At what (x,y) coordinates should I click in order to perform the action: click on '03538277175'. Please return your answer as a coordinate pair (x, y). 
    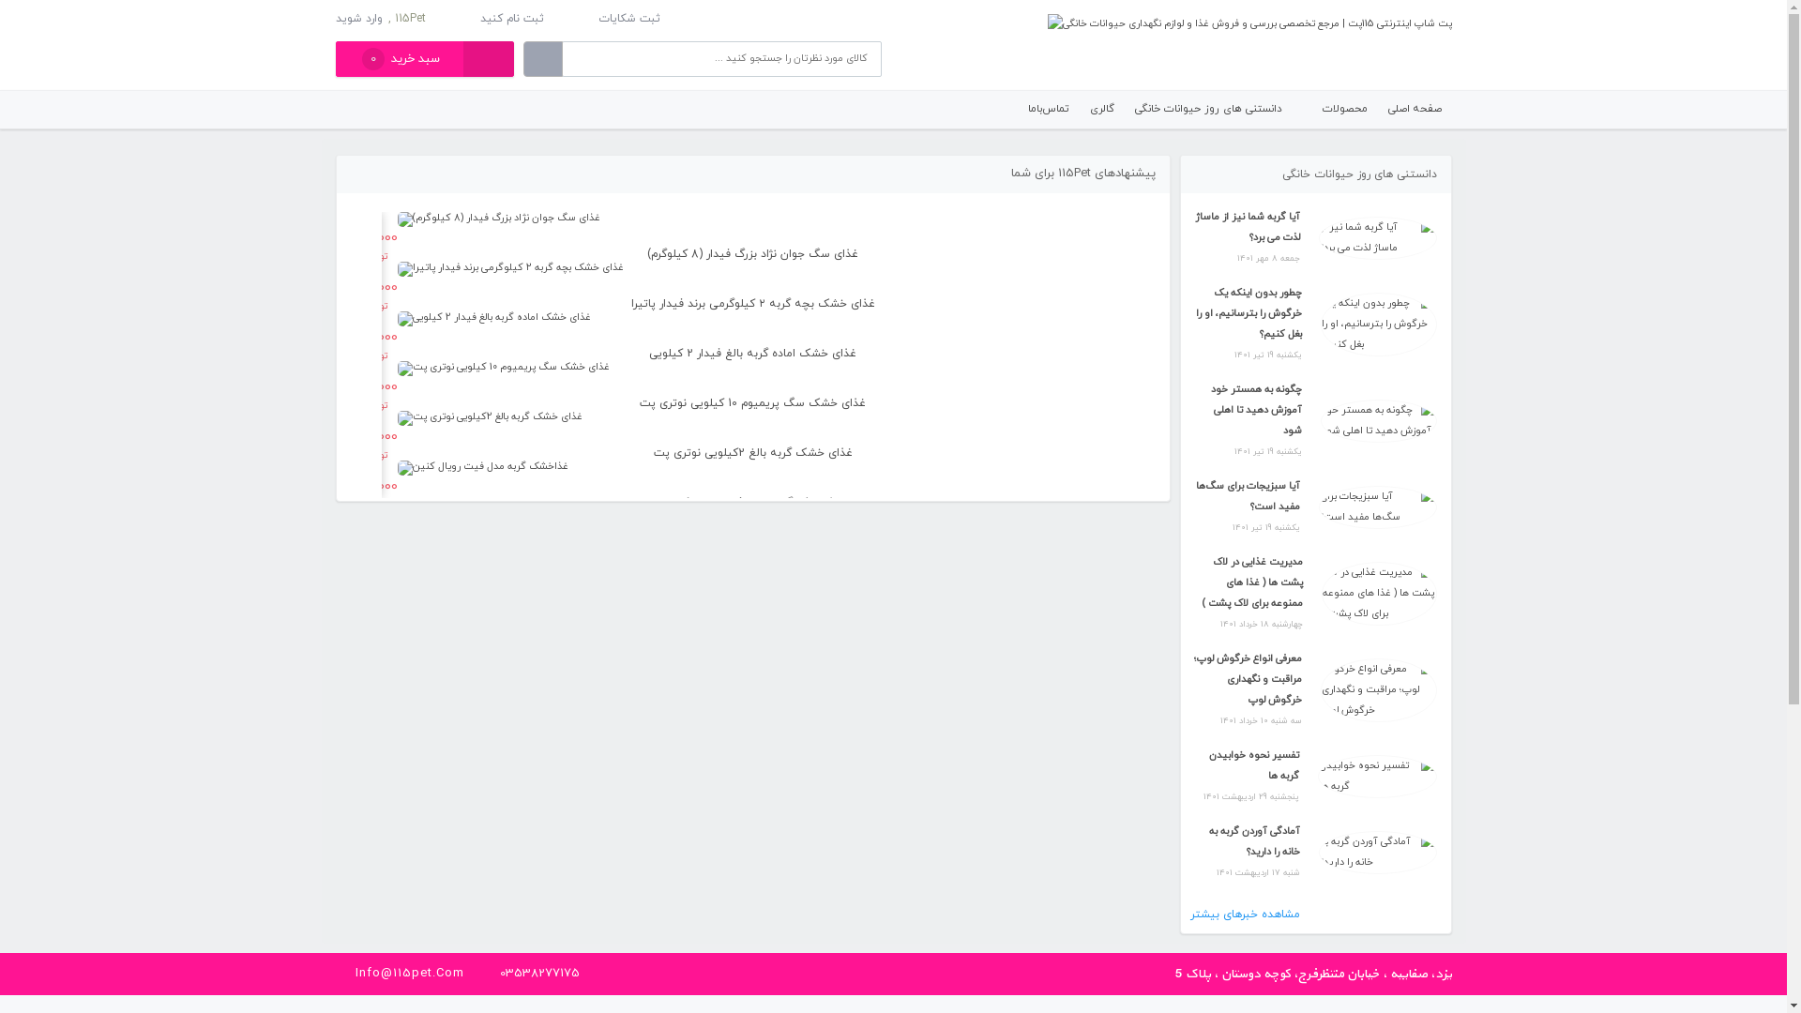
    Looking at the image, I should click on (537, 972).